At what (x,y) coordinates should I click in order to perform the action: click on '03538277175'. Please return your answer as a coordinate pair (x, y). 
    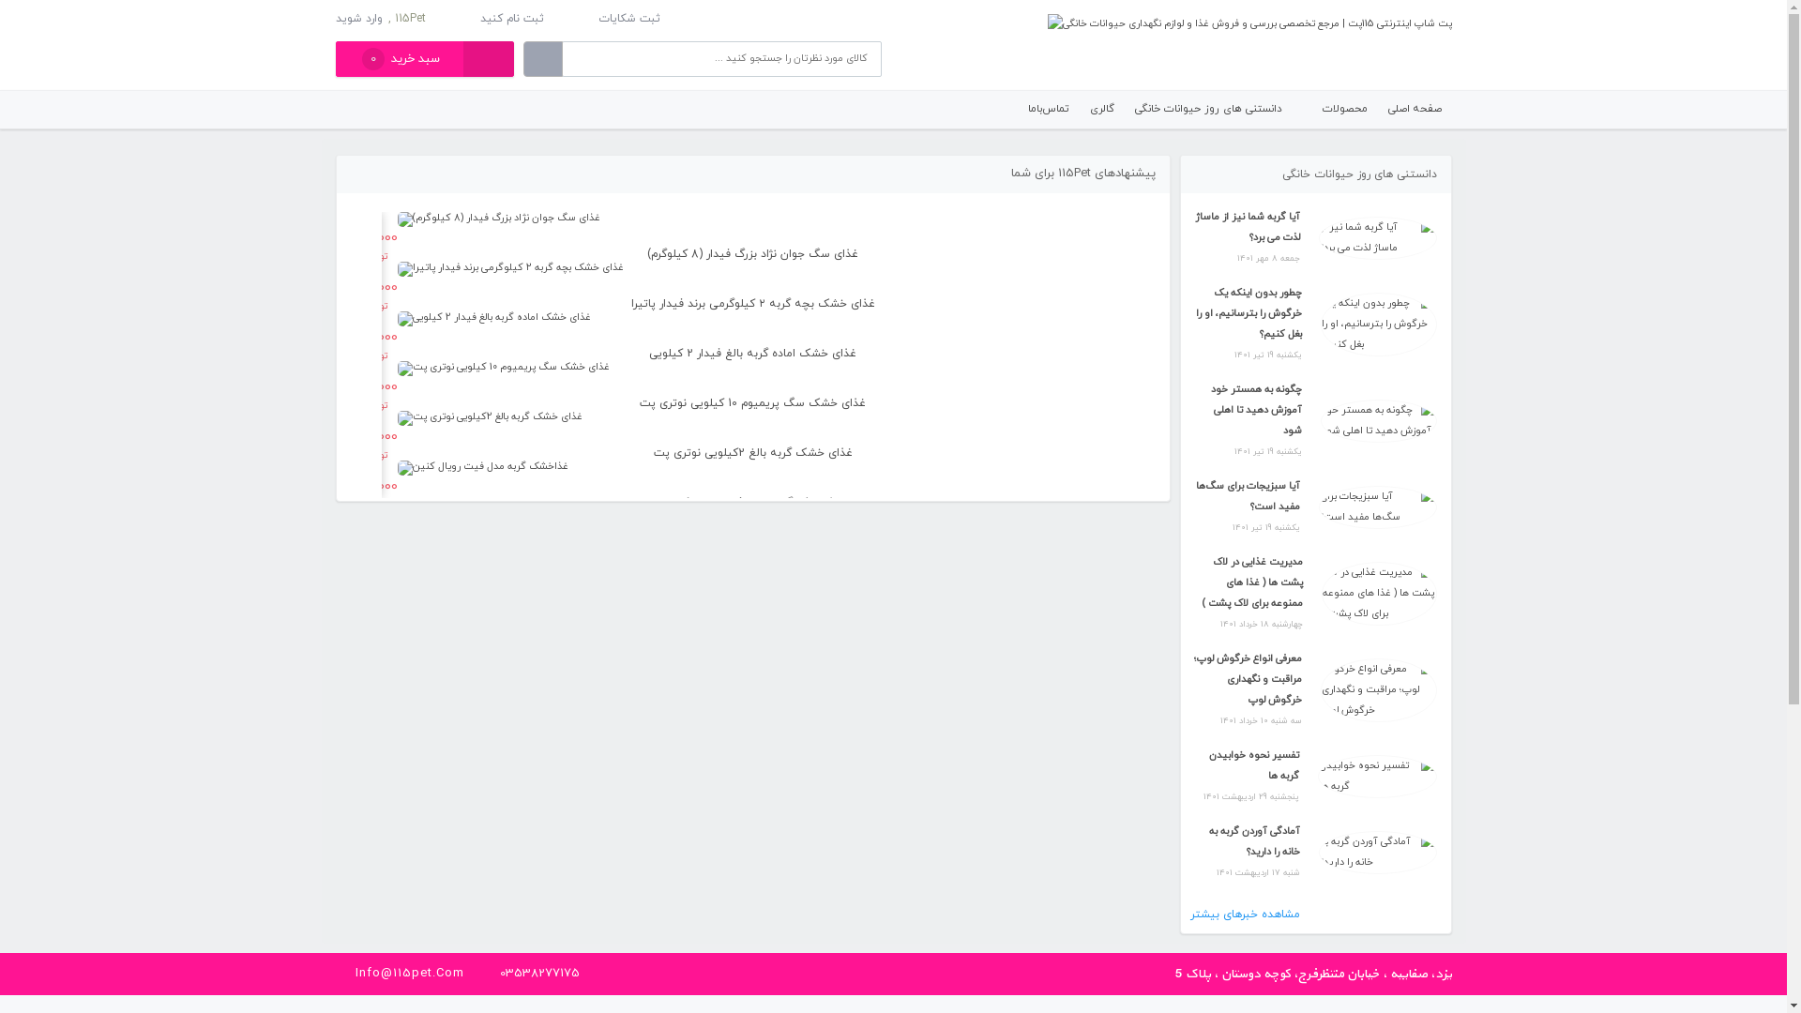
    Looking at the image, I should click on (537, 972).